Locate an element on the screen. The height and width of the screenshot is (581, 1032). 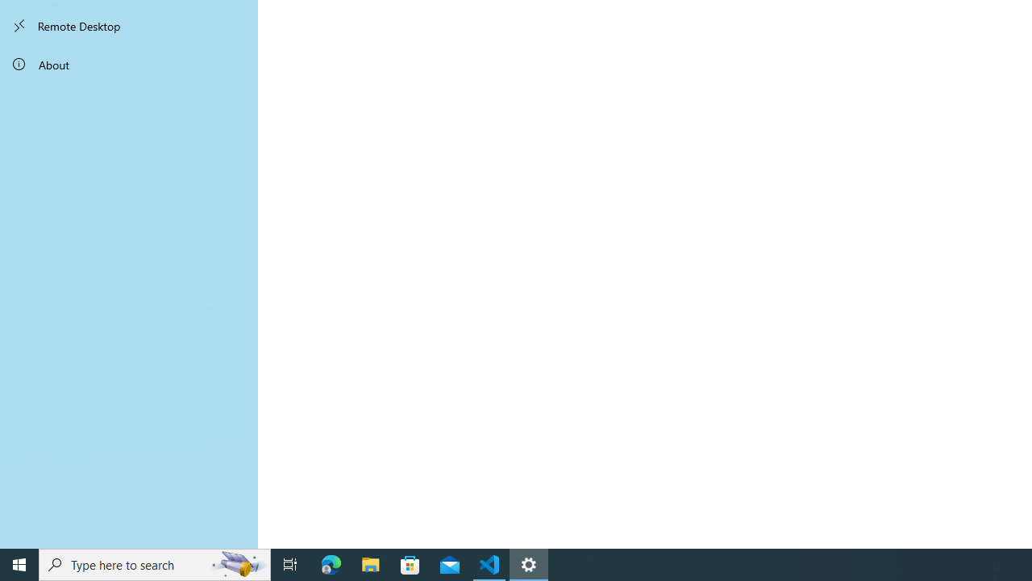
'About' is located at coordinates (129, 63).